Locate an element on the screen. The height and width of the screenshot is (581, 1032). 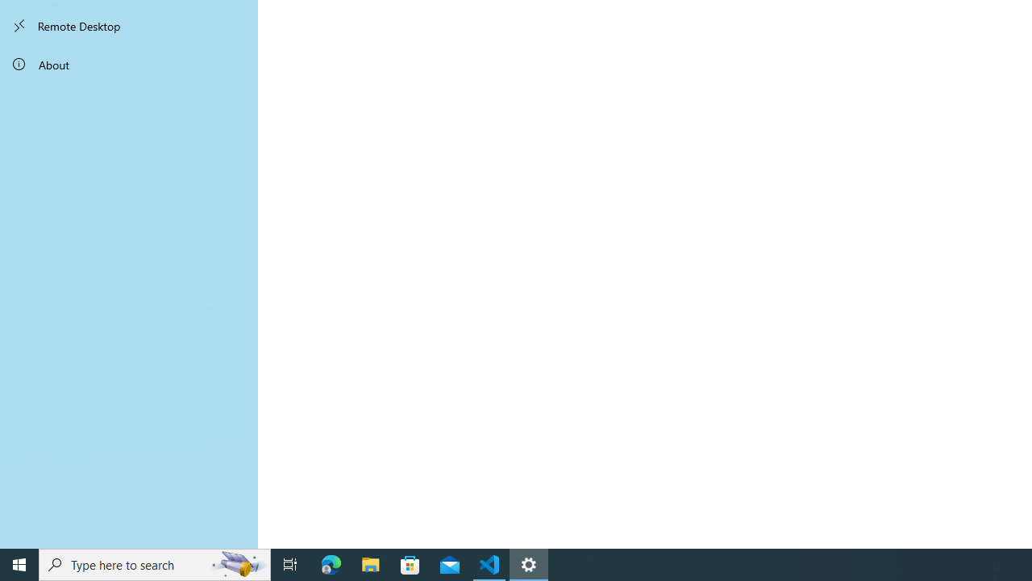
'About' is located at coordinates (129, 63).